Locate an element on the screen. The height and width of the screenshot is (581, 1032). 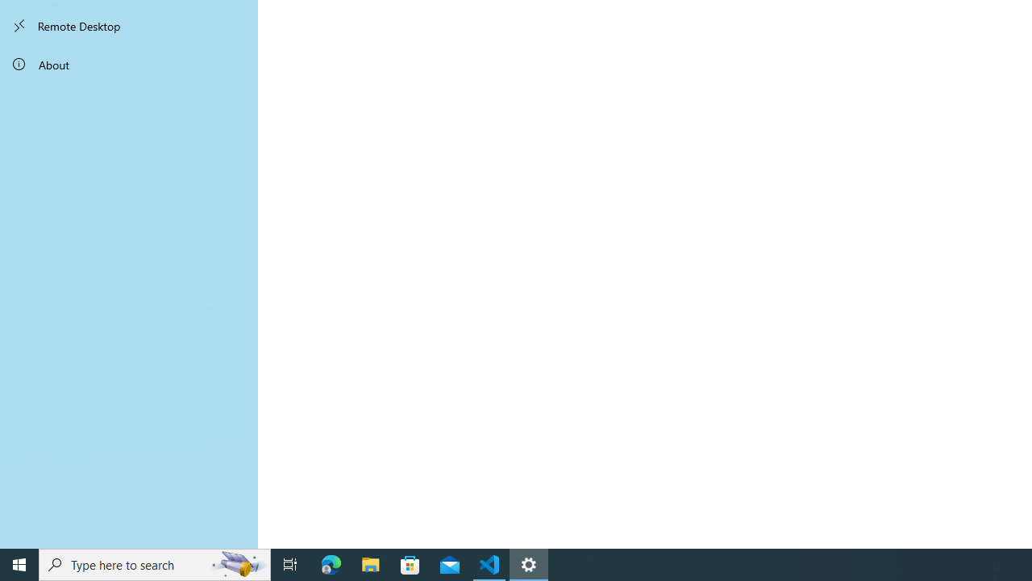
'About' is located at coordinates (129, 63).